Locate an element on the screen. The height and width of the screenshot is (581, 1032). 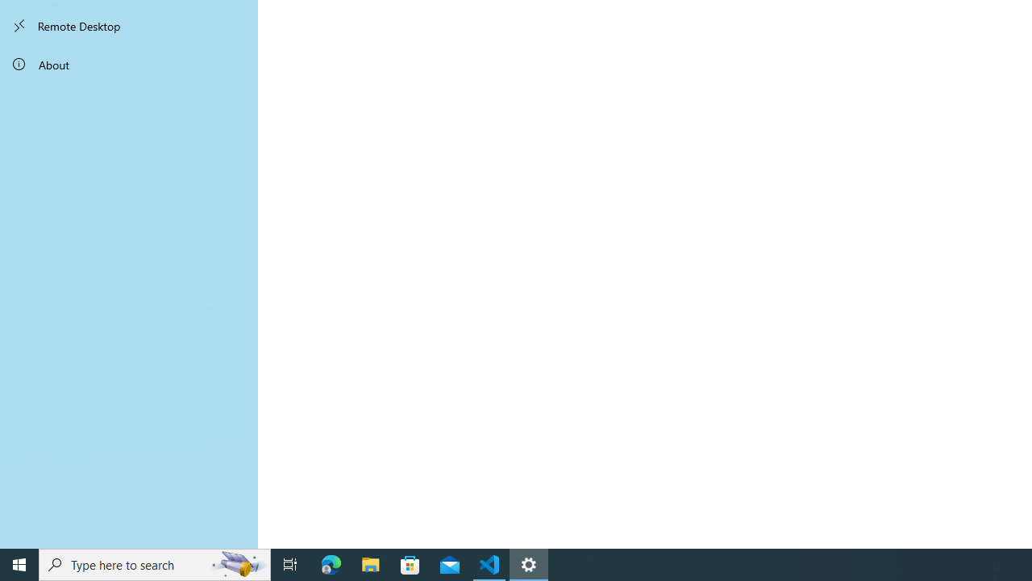
'About' is located at coordinates (129, 63).